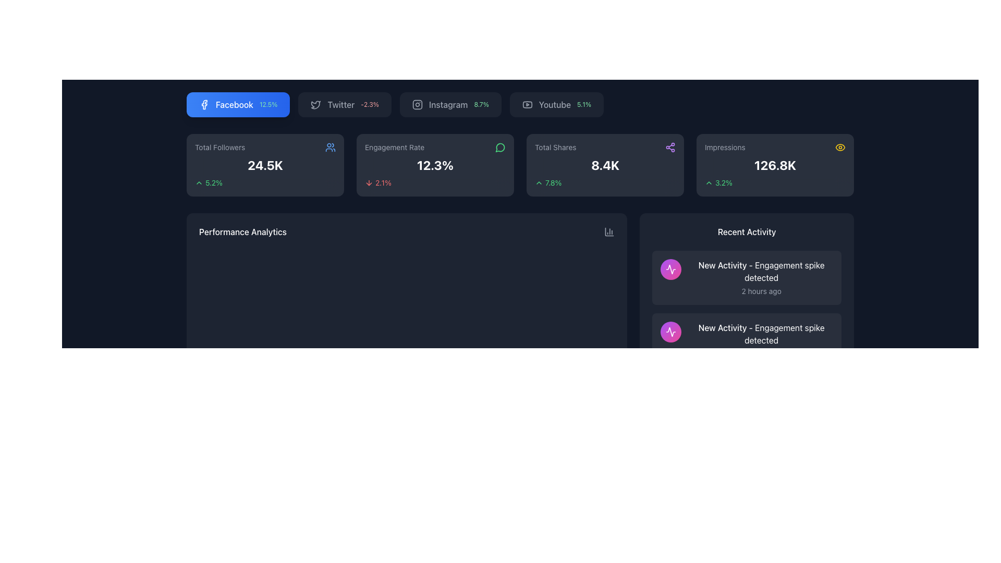 The image size is (1001, 563). What do you see at coordinates (238, 104) in the screenshot?
I see `the Facebook button located on the far left of the horizontal list to filter or view Facebook-specific metrics` at bounding box center [238, 104].